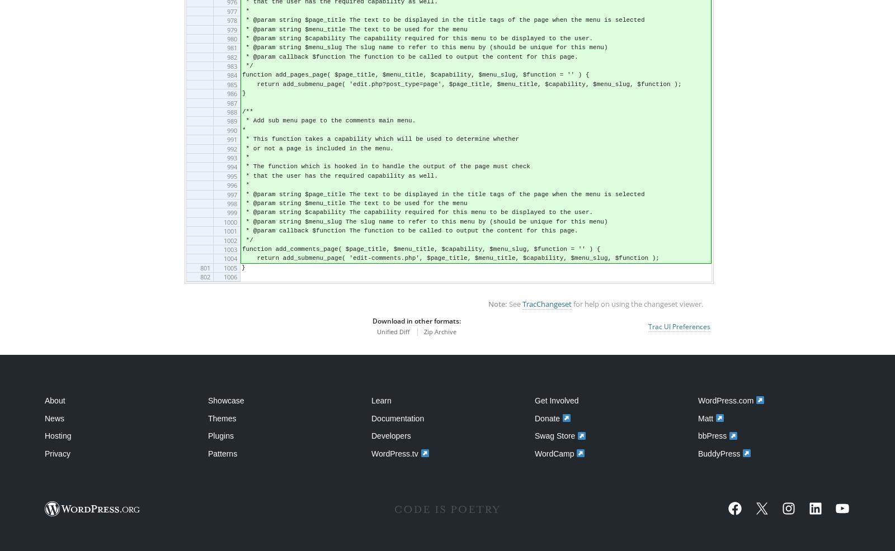 The height and width of the screenshot is (551, 895). I want to click on '* that the user has the required capability as well.', so click(340, 175).